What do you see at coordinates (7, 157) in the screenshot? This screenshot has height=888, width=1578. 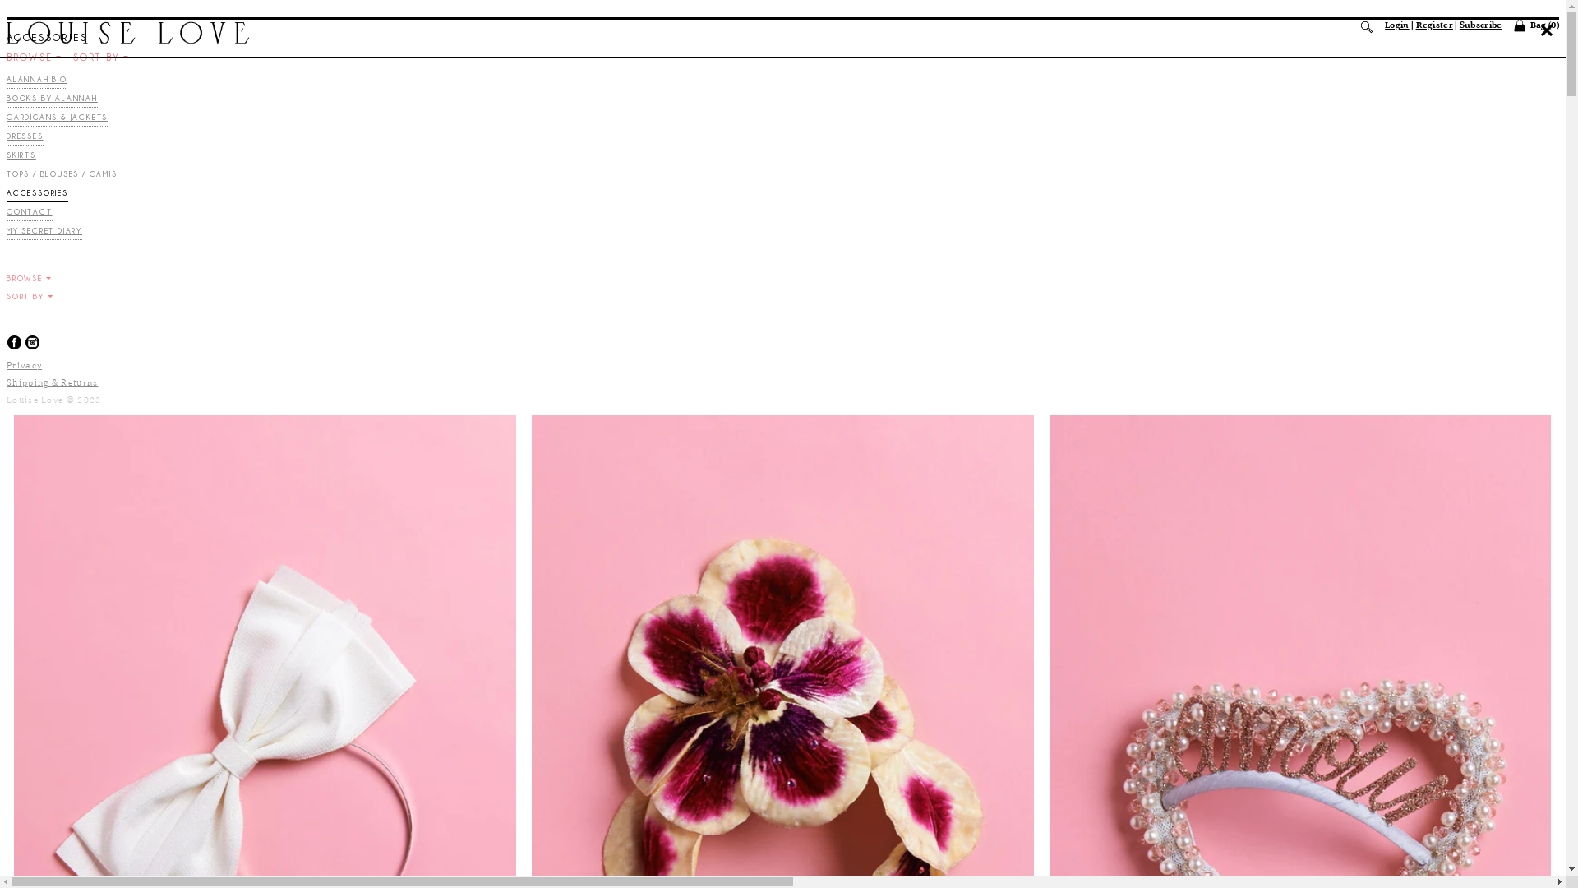 I see `'SKIRTS'` at bounding box center [7, 157].